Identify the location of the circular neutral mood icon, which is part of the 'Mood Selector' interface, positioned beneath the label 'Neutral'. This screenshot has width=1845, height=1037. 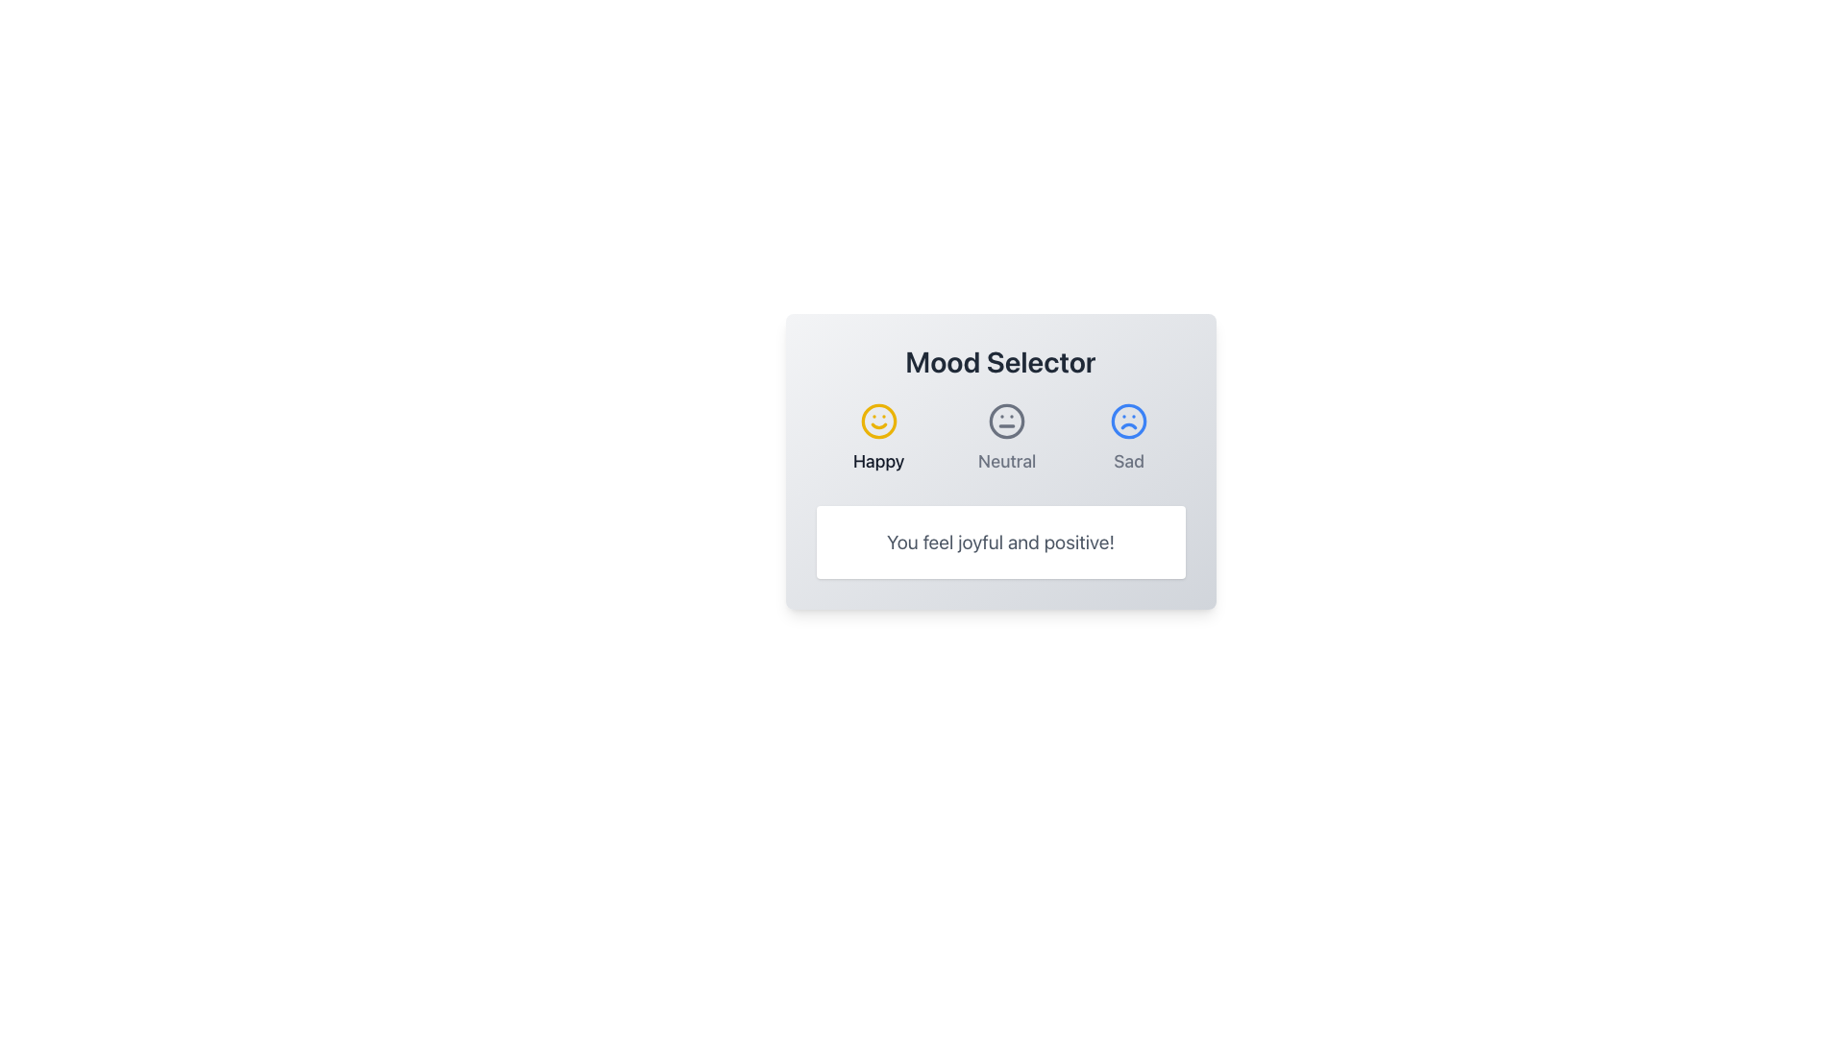
(1006, 421).